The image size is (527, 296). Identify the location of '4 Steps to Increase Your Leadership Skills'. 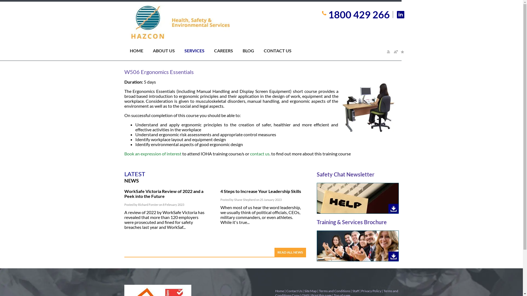
(260, 191).